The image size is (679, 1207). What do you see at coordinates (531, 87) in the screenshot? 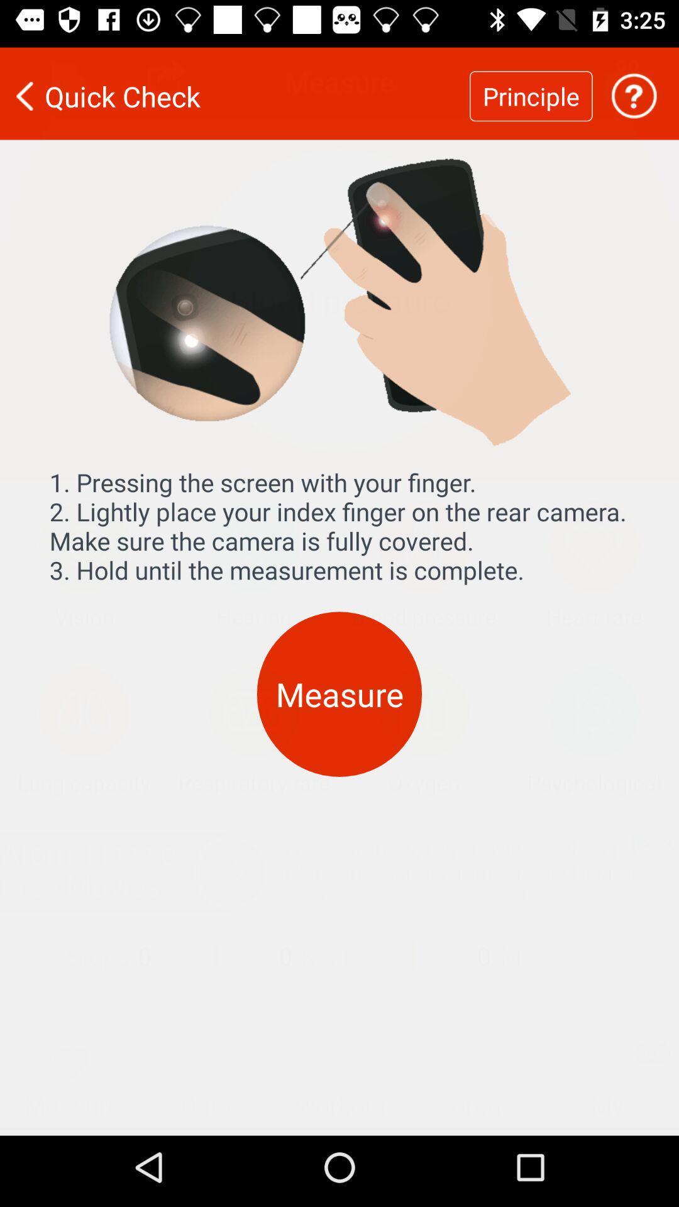
I see `principle` at bounding box center [531, 87].